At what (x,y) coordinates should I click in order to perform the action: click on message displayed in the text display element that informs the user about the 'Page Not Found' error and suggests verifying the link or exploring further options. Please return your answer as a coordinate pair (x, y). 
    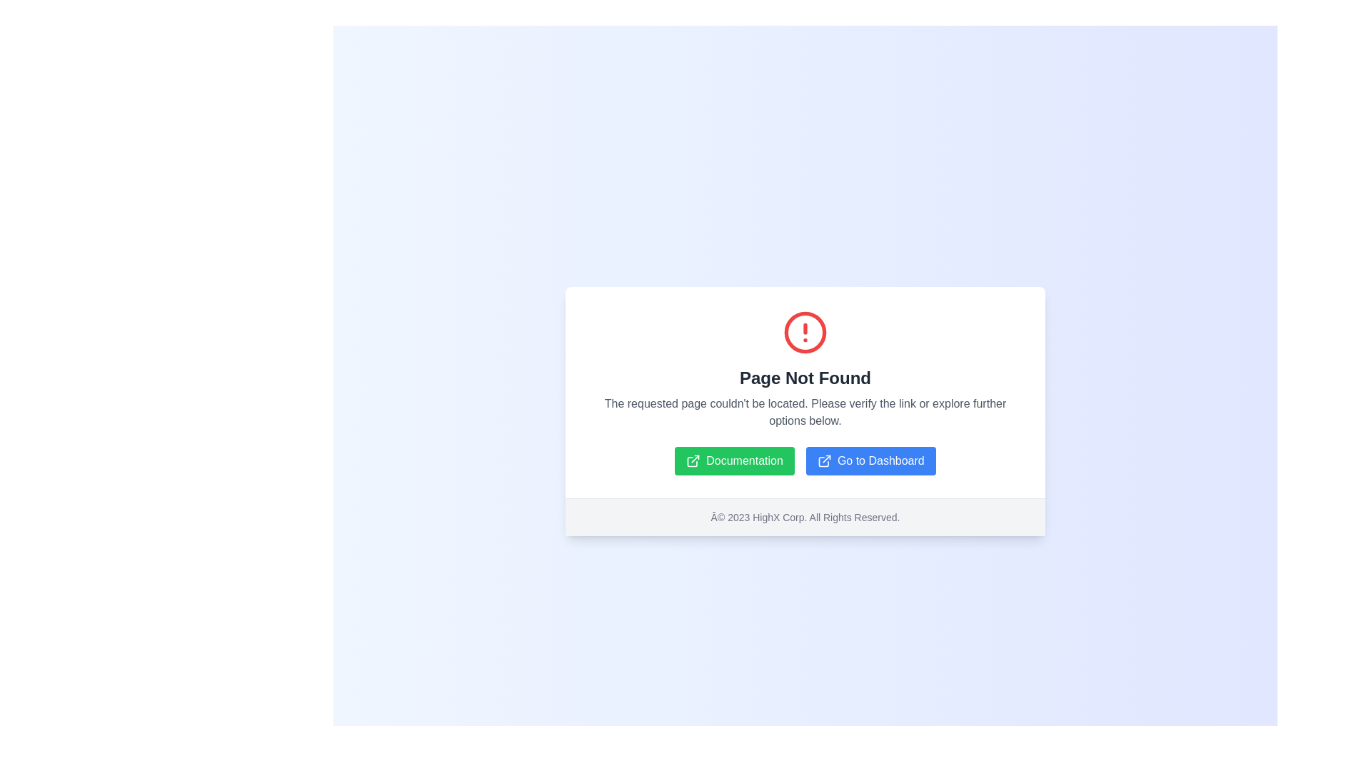
    Looking at the image, I should click on (805, 412).